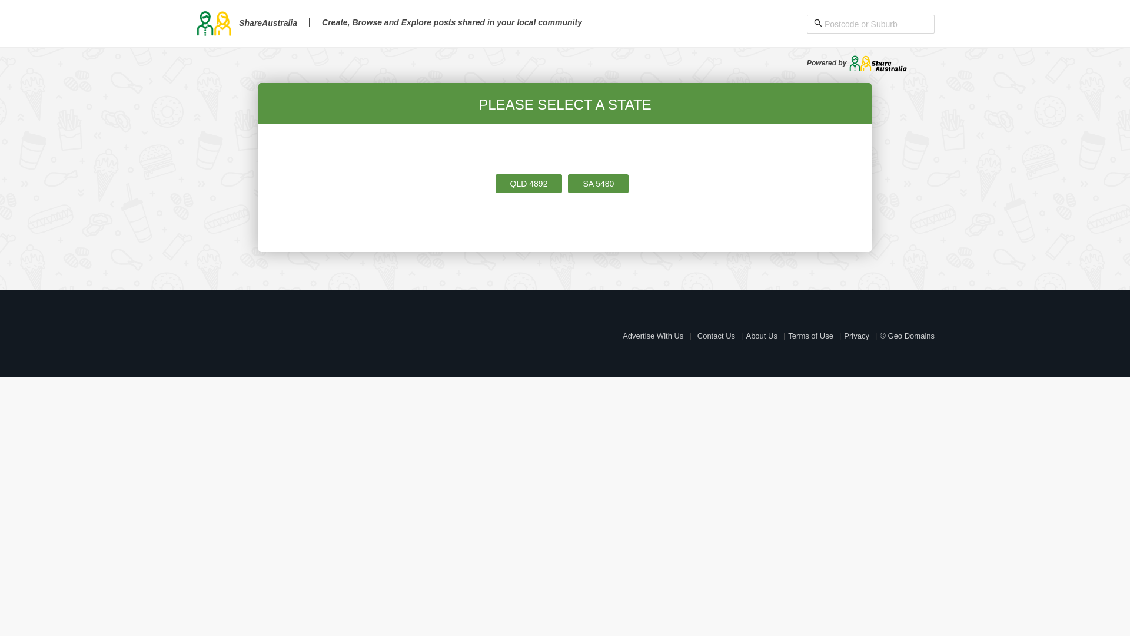 Image resolution: width=1130 pixels, height=636 pixels. Describe the element at coordinates (621, 336) in the screenshot. I see `'Advertise With Us'` at that location.